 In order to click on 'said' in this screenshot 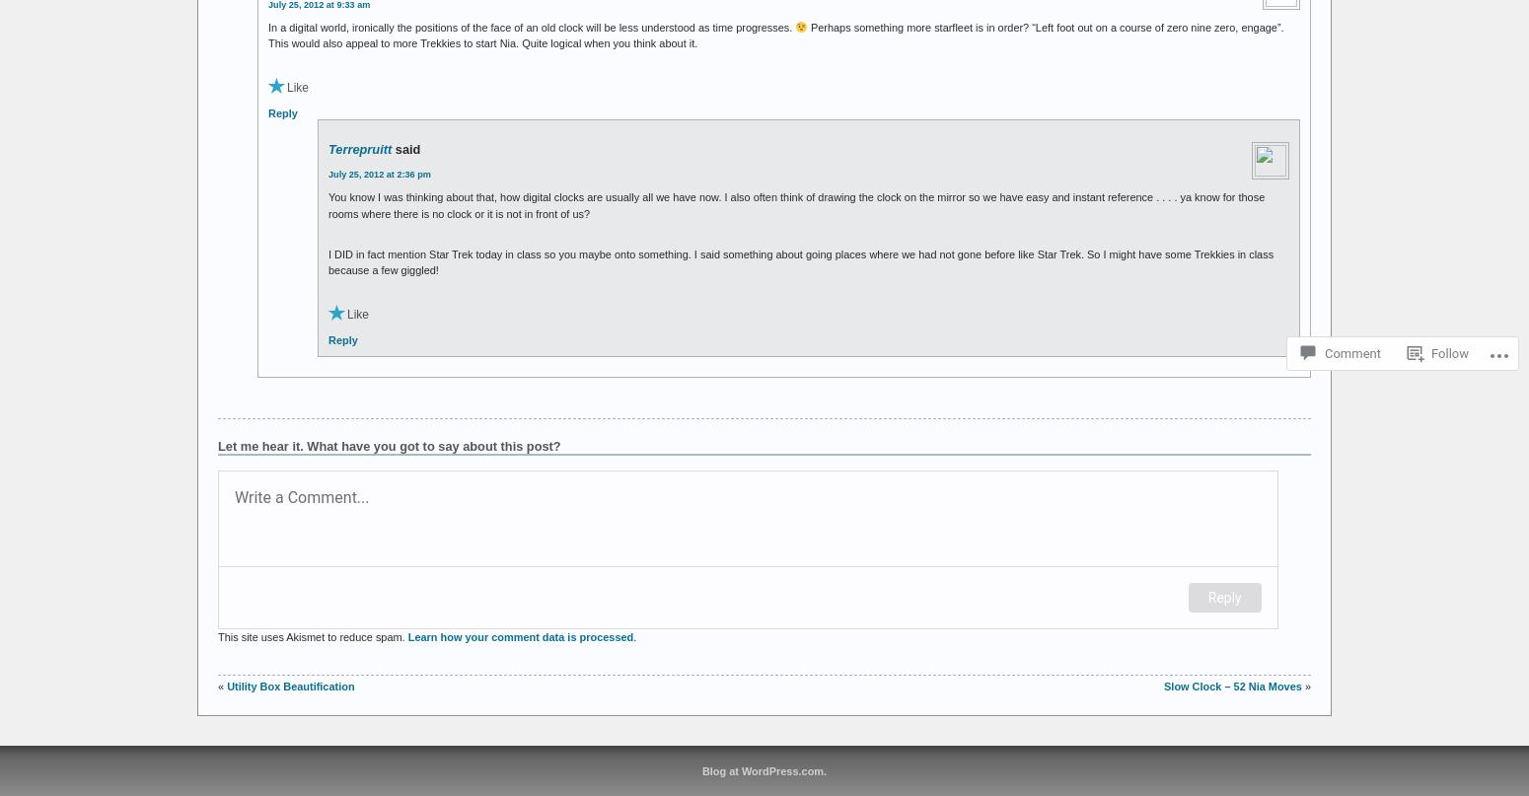, I will do `click(407, 148)`.